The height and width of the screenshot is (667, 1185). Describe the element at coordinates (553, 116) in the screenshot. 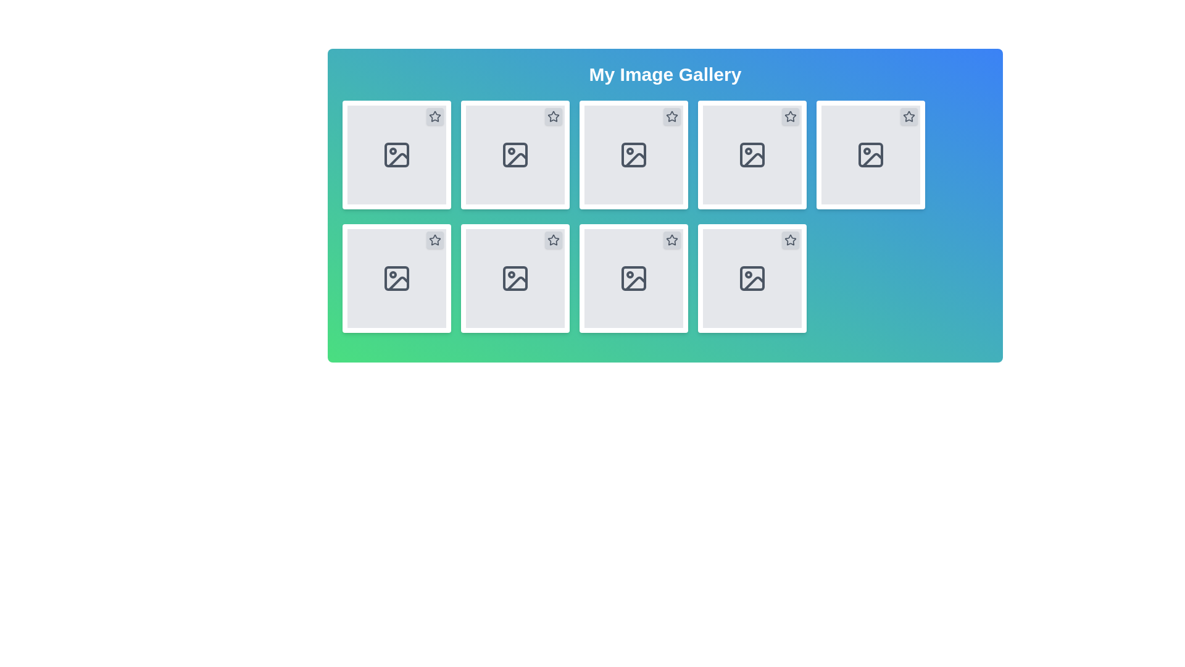

I see `the star icon located in the upper-right corner of the second tile in the first row of the grid layout` at that location.